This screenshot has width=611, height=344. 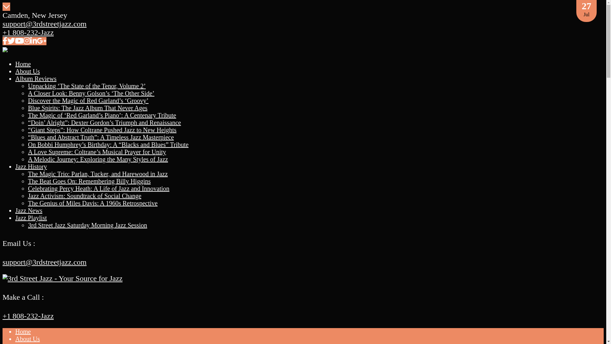 I want to click on 'Home', so click(x=23, y=331).